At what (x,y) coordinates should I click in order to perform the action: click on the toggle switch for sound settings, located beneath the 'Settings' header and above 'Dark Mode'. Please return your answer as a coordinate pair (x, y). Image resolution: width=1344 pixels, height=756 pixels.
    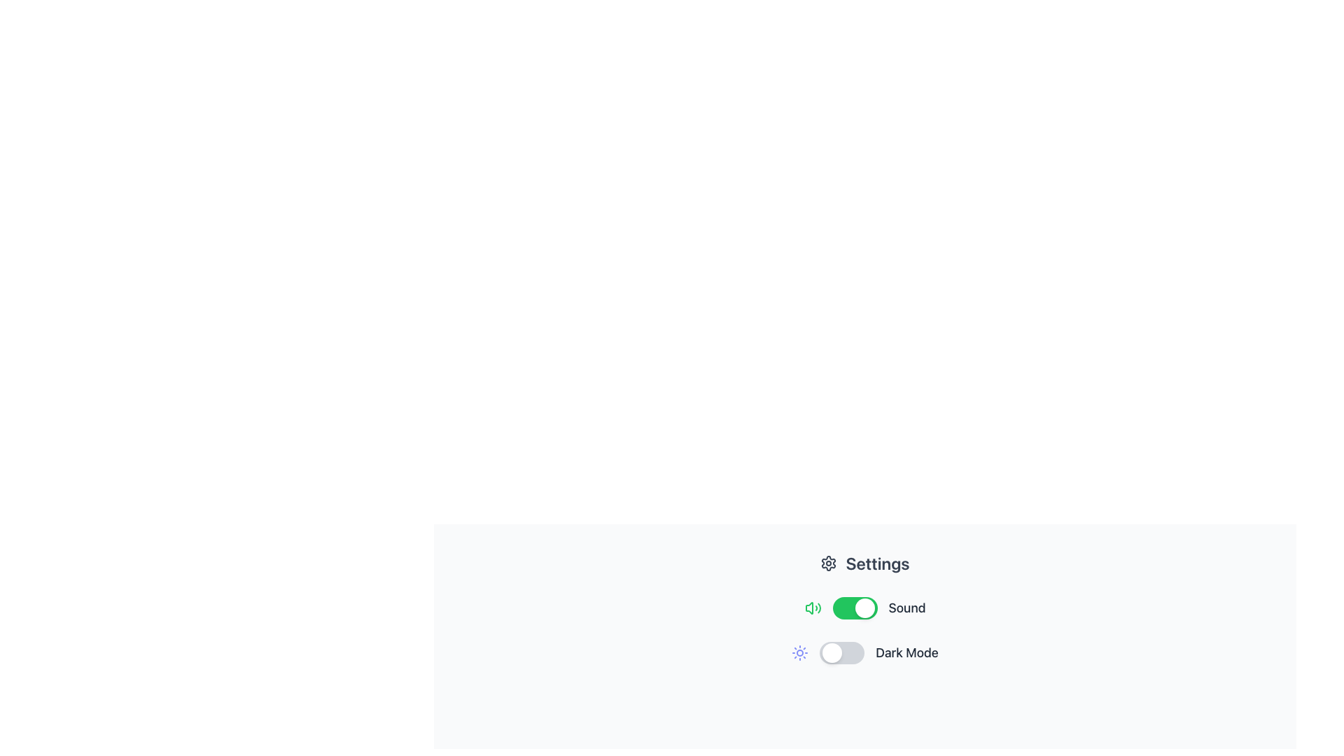
    Looking at the image, I should click on (864, 607).